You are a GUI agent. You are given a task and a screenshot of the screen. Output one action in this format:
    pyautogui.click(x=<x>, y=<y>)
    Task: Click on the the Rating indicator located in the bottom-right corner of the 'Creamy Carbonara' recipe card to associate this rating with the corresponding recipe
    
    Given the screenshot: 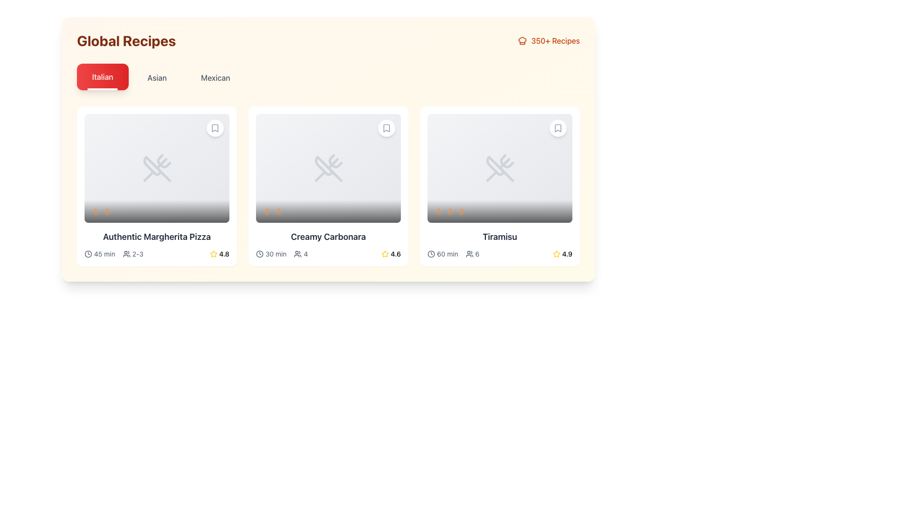 What is the action you would take?
    pyautogui.click(x=391, y=253)
    